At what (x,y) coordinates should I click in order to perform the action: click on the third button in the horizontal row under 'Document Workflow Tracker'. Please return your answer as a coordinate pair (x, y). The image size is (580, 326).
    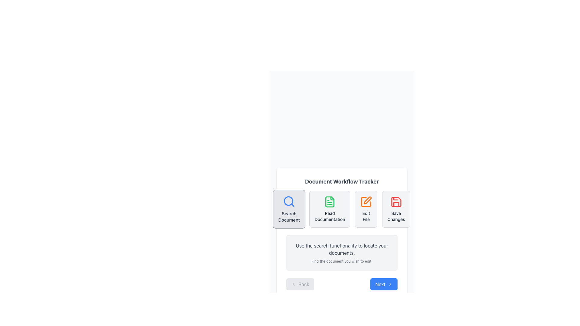
    Looking at the image, I should click on (366, 209).